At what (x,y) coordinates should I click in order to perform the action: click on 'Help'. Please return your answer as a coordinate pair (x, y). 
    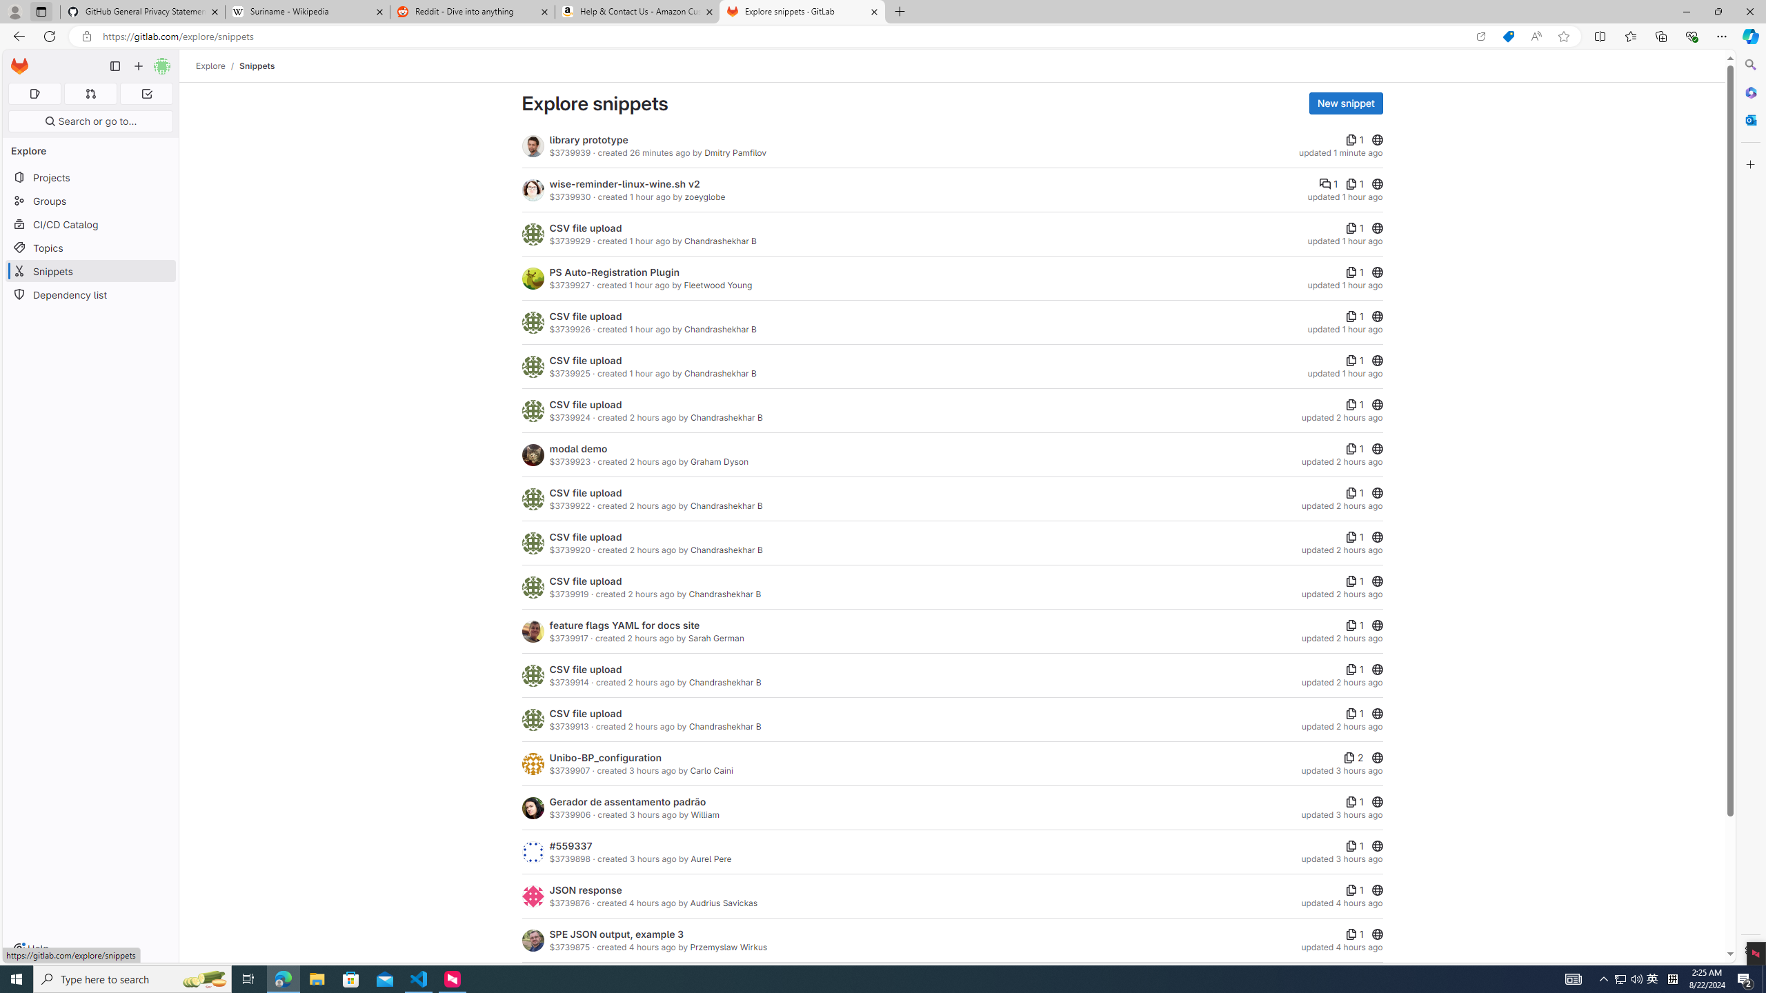
    Looking at the image, I should click on (30, 947).